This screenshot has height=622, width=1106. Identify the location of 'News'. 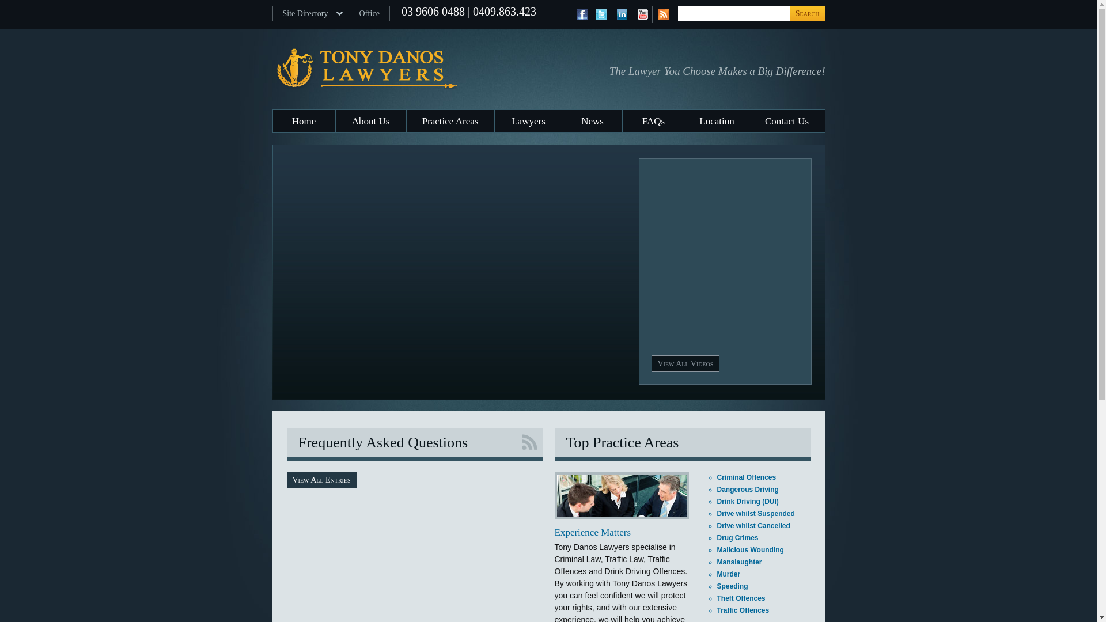
(592, 121).